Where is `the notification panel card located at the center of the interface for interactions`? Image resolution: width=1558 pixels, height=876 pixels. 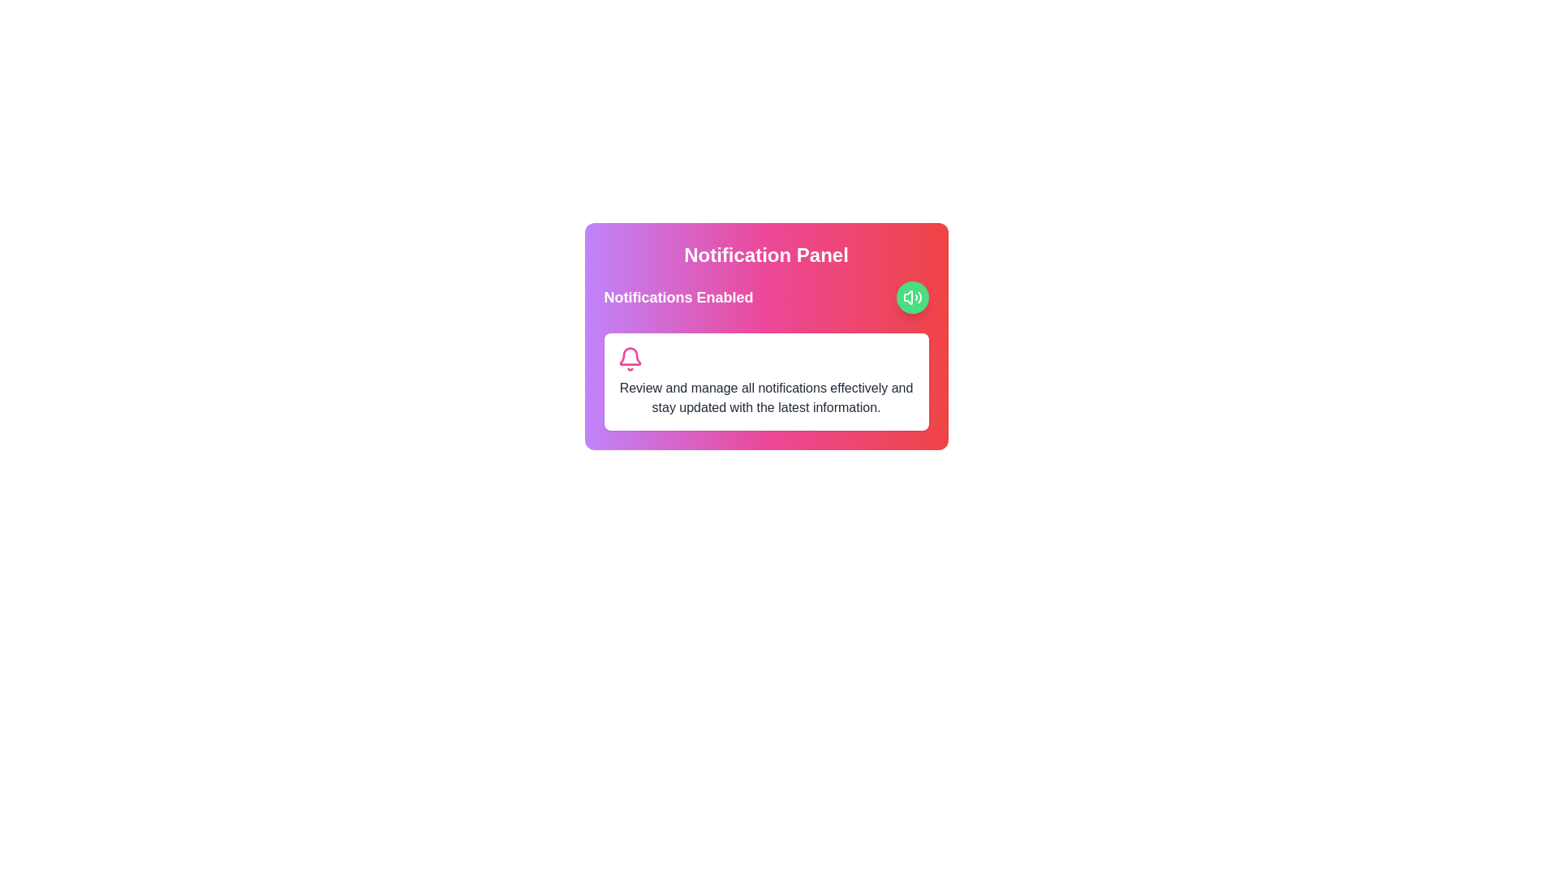
the notification panel card located at the center of the interface for interactions is located at coordinates (765, 336).